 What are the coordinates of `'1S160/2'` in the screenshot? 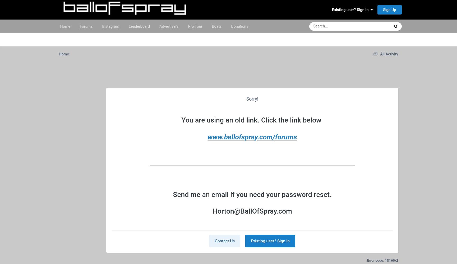 It's located at (384, 260).